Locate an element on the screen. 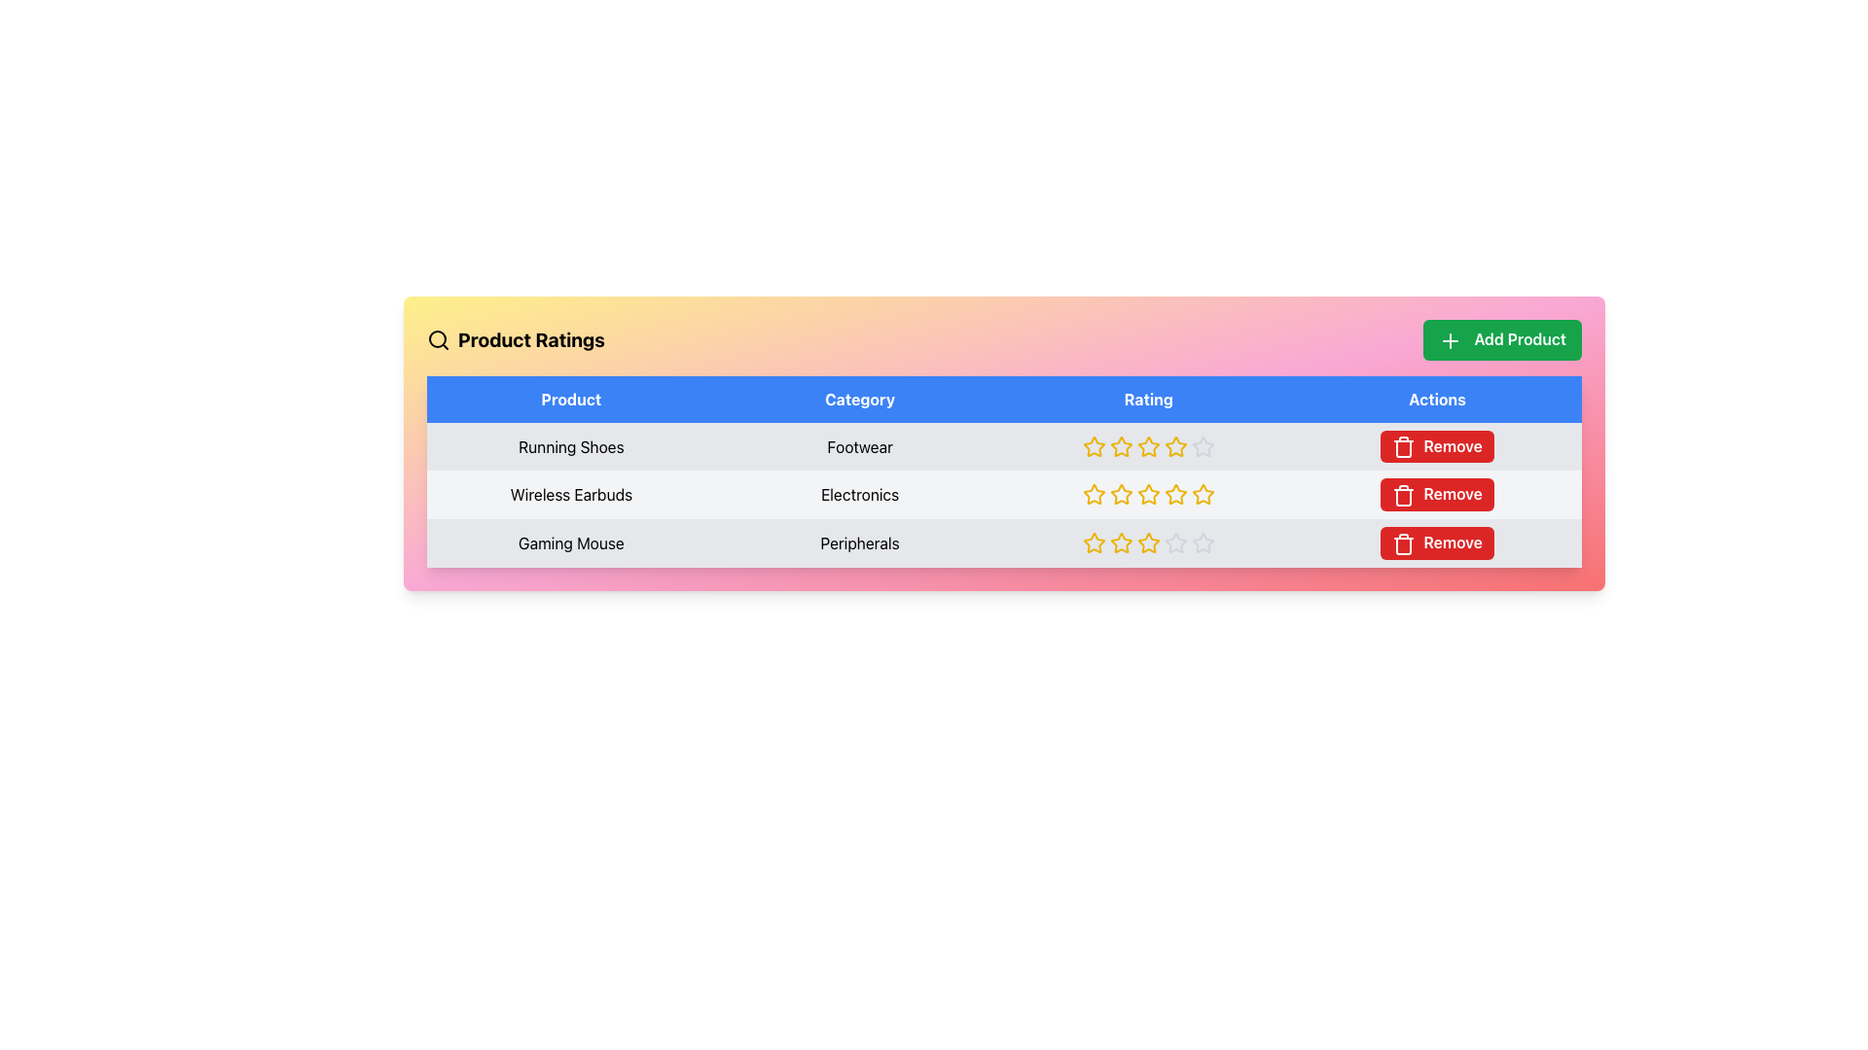  text label for the product 'Running Shoes' located in the first row under the 'Product' column of the table is located at coordinates (570, 446).